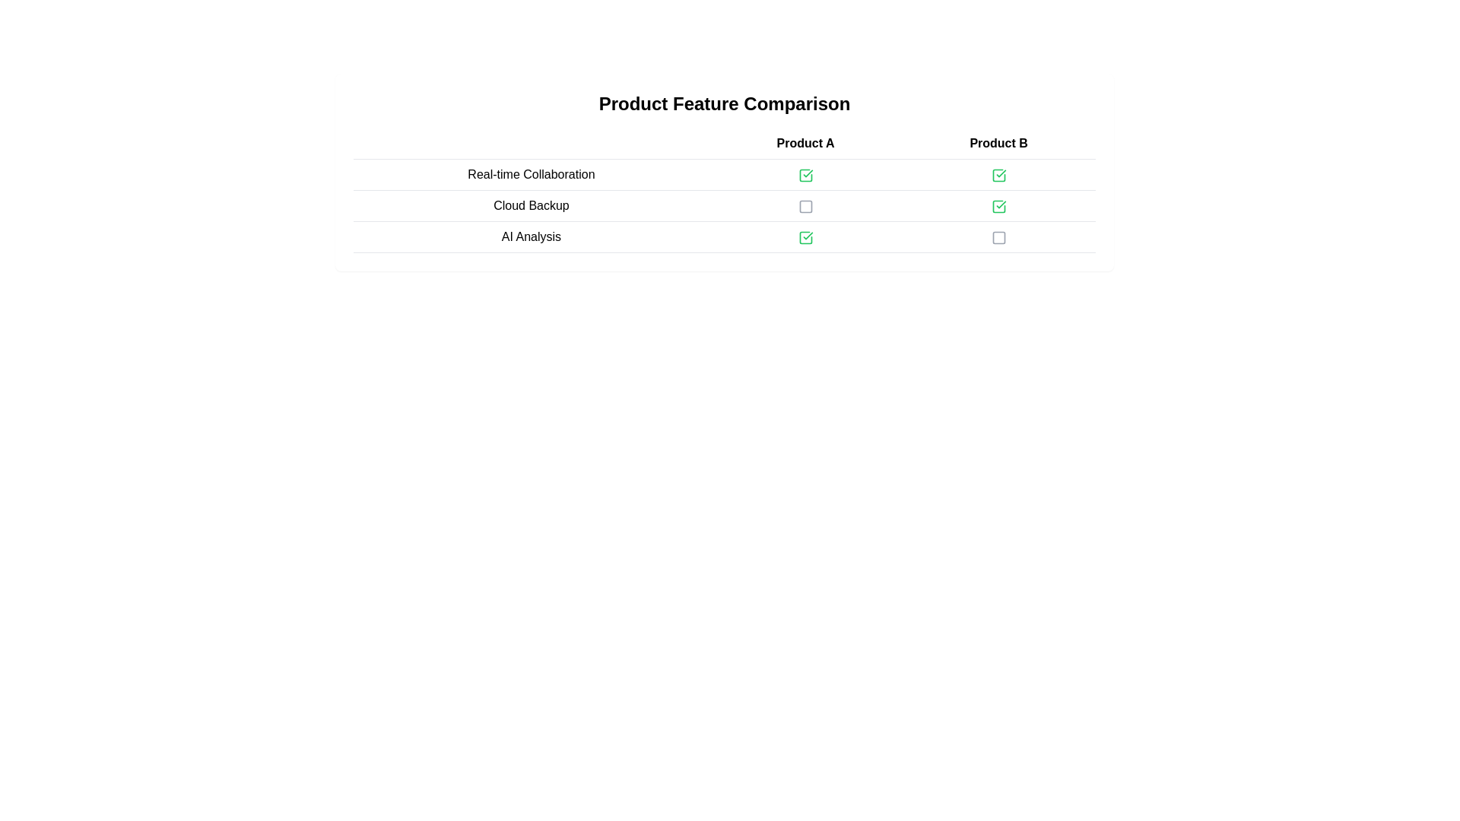 This screenshot has width=1460, height=821. Describe the element at coordinates (998, 237) in the screenshot. I see `the state icon in the third row and third column of the comparison table under 'Product B', adjacent to 'AI Analysis'` at that location.